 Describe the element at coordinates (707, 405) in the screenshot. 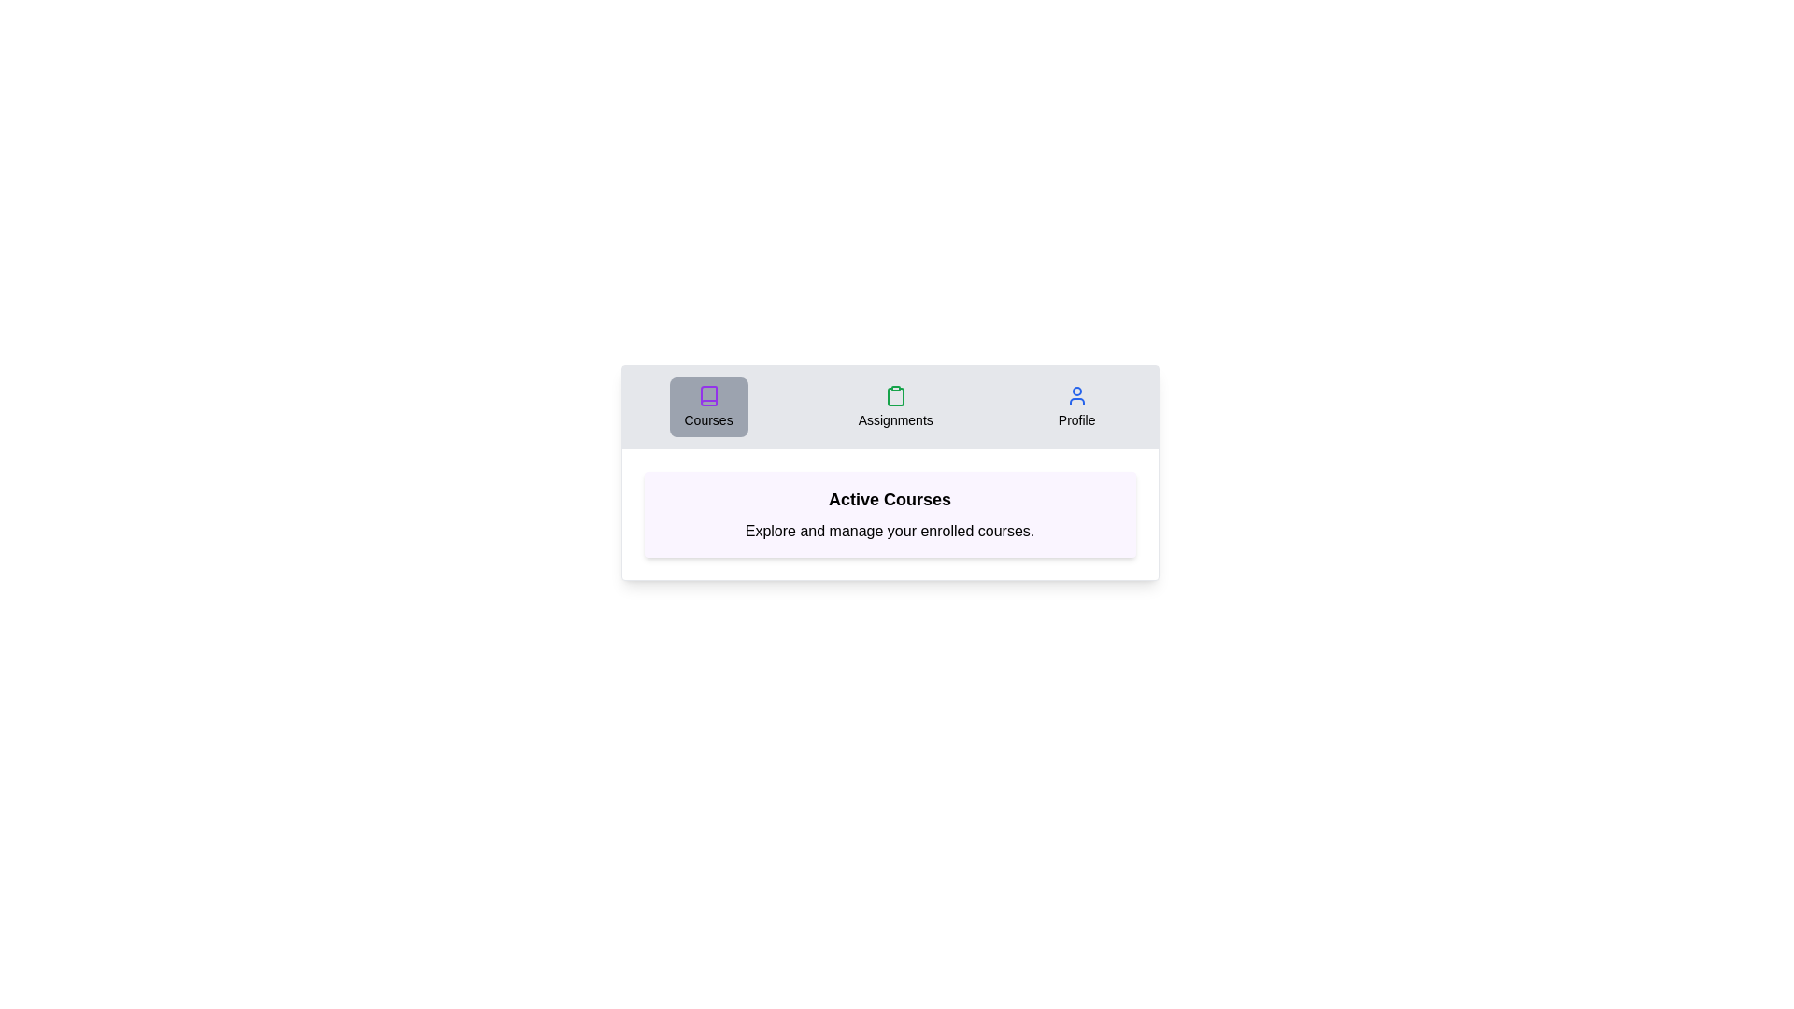

I see `the Courses tab by clicking on its corresponding button` at that location.